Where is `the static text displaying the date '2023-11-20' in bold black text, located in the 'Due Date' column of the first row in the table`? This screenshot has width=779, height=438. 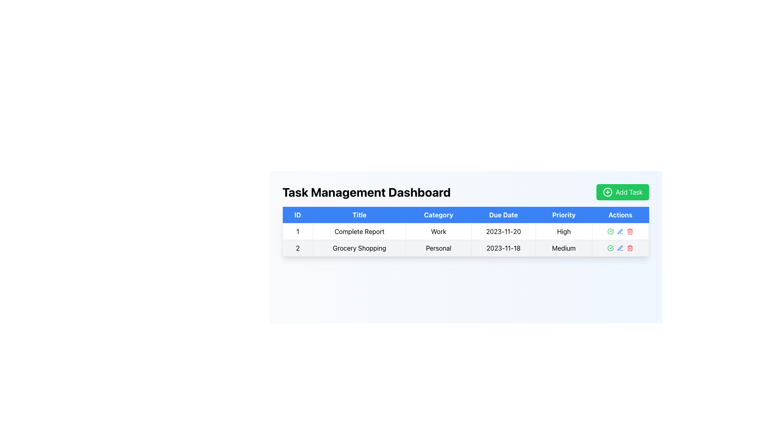 the static text displaying the date '2023-11-20' in bold black text, located in the 'Due Date' column of the first row in the table is located at coordinates (503, 231).